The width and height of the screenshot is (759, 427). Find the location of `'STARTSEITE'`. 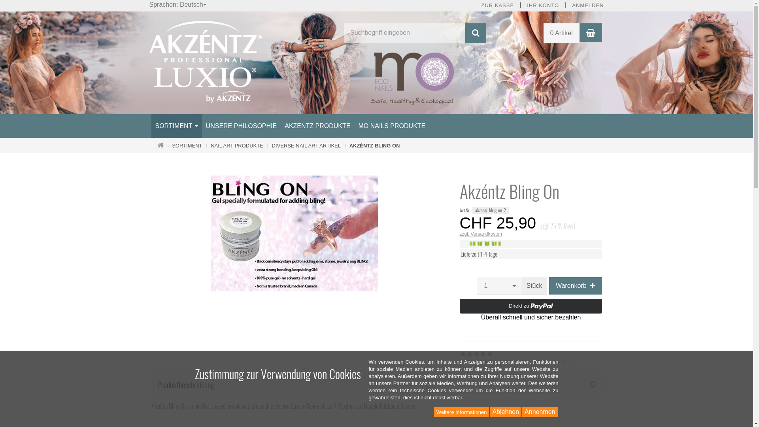

'STARTSEITE' is located at coordinates (160, 145).